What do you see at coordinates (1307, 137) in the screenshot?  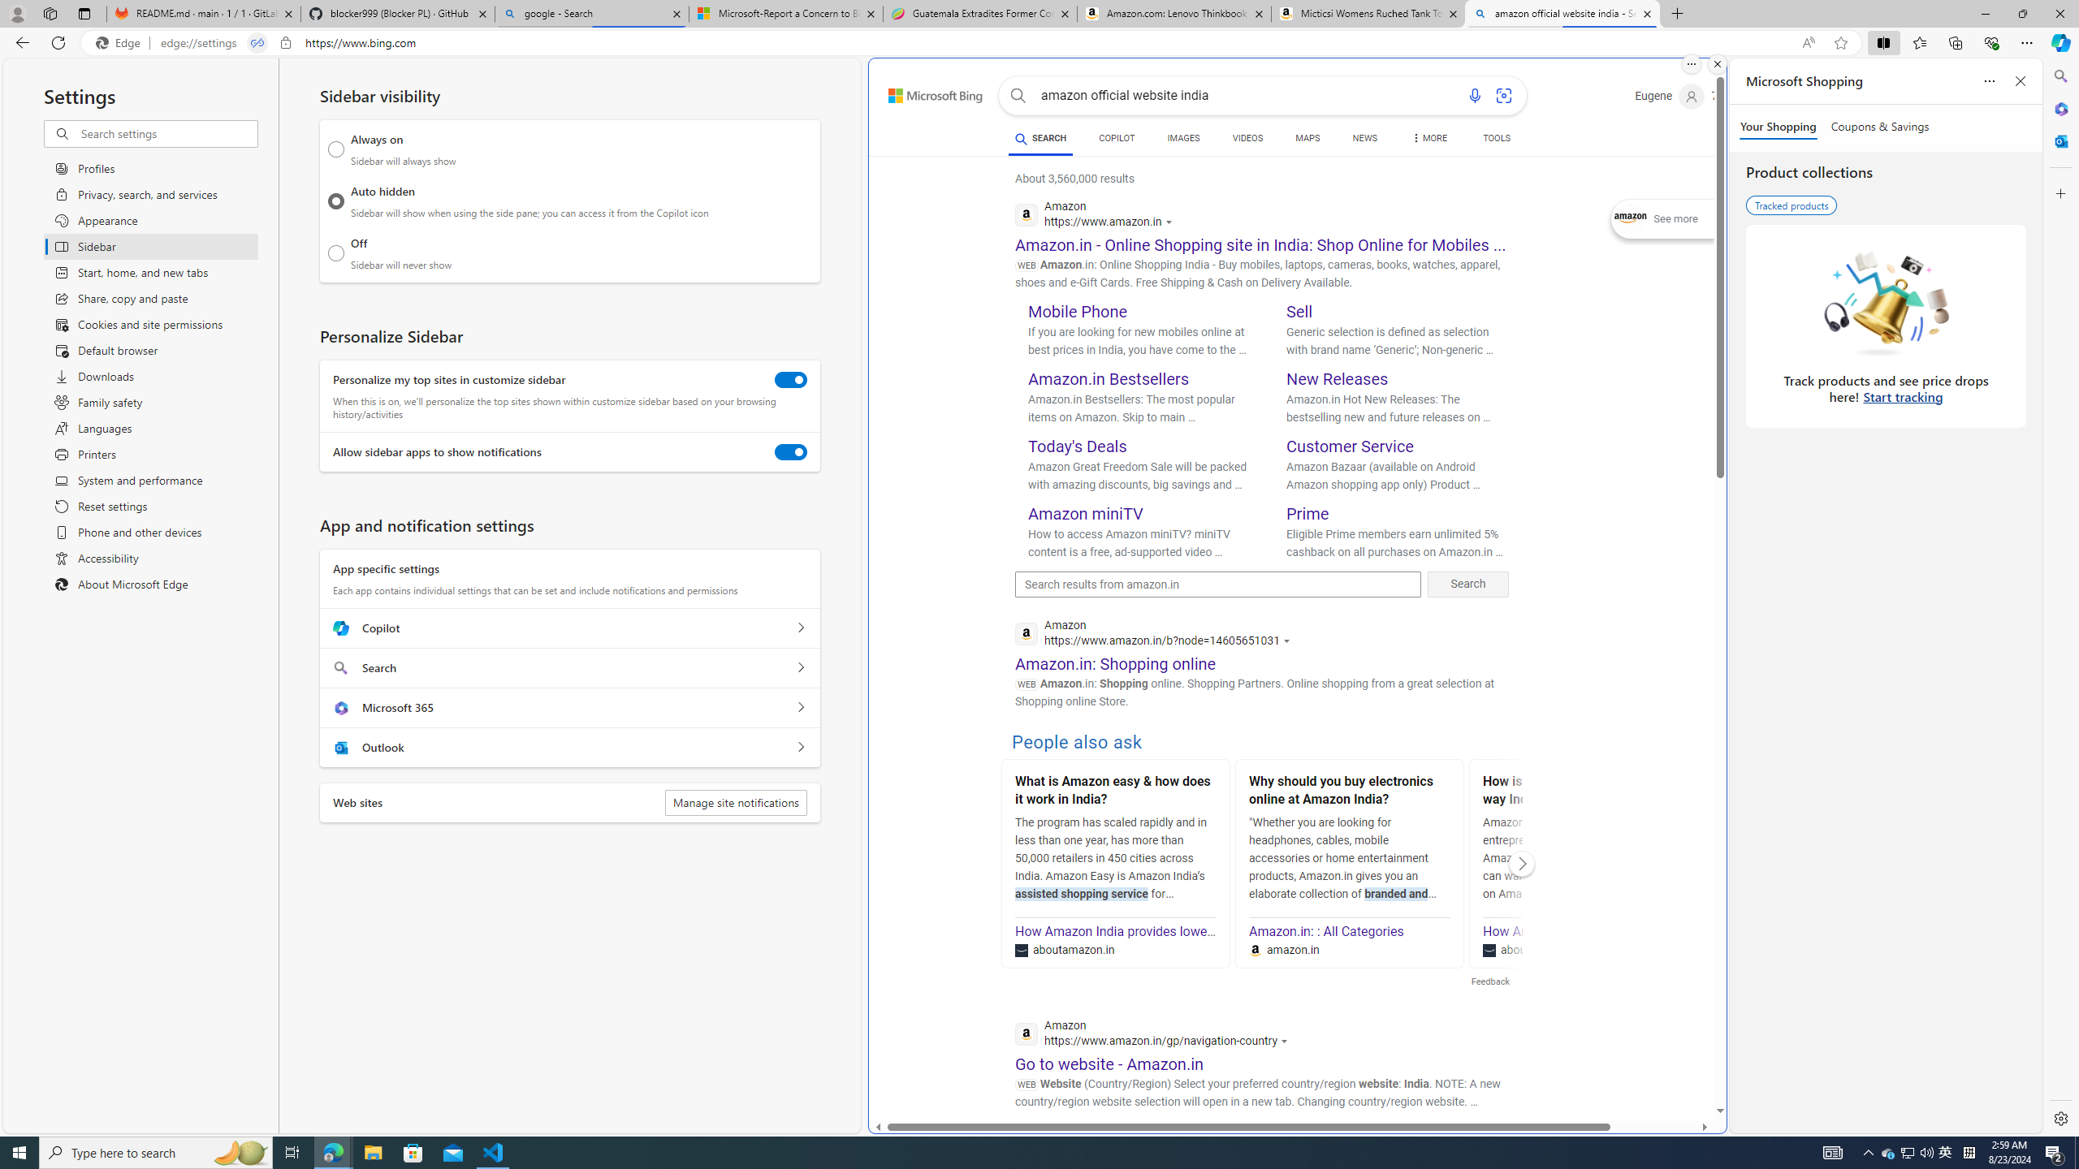 I see `'MAPS'` at bounding box center [1307, 137].